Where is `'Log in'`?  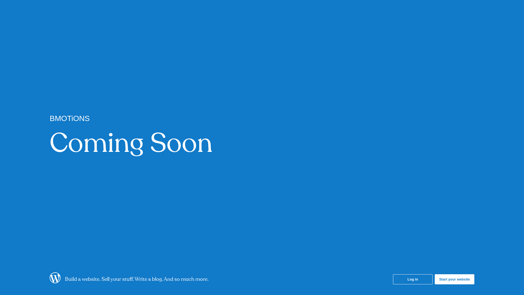 'Log in' is located at coordinates (413, 279).